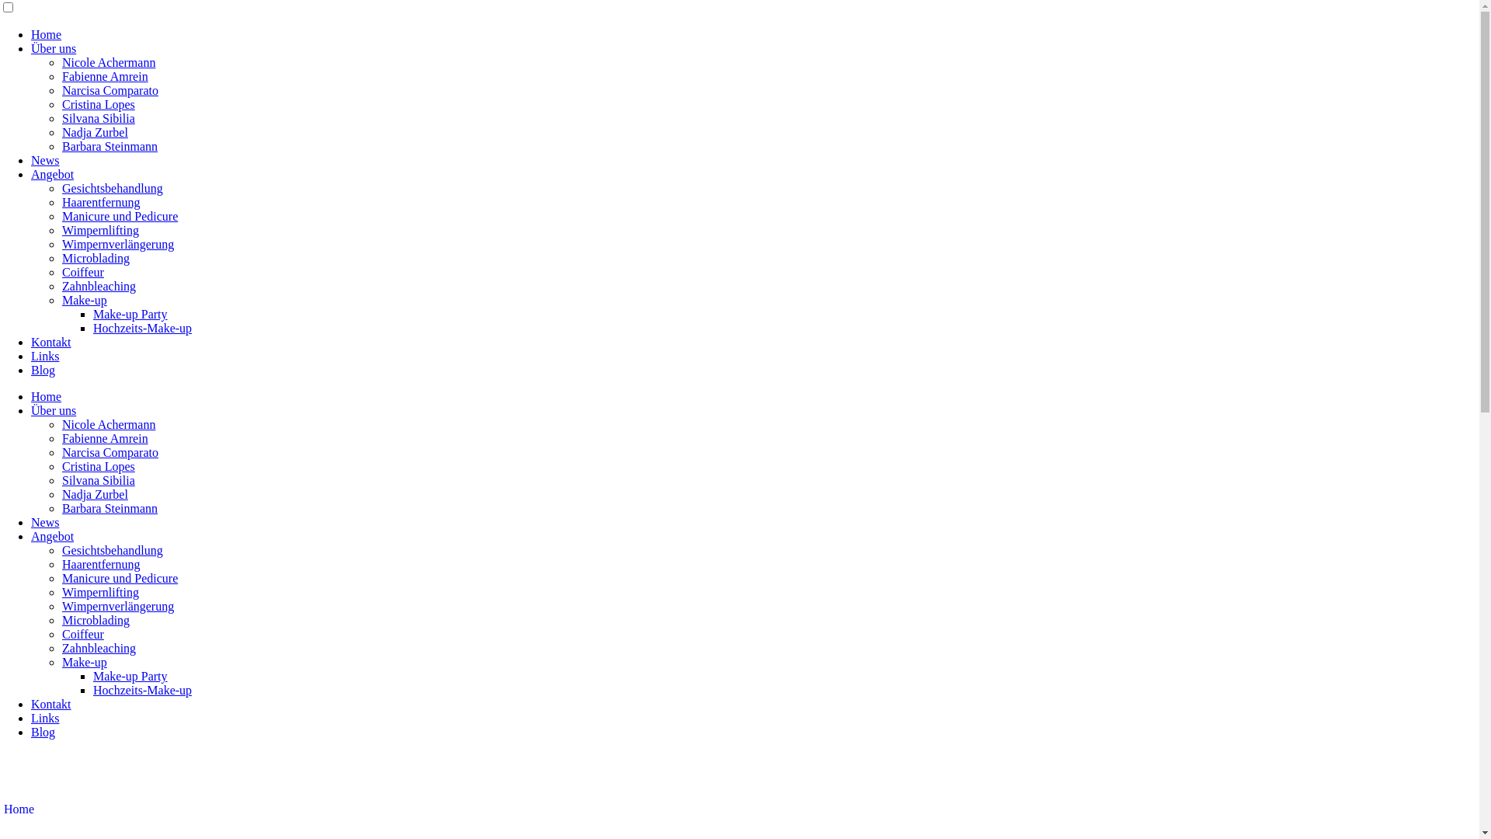 This screenshot has height=839, width=1491. What do you see at coordinates (52, 535) in the screenshot?
I see `'Angebot'` at bounding box center [52, 535].